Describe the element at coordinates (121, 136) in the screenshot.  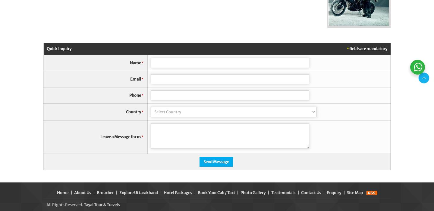
I see `'Leave a Message for us'` at that location.